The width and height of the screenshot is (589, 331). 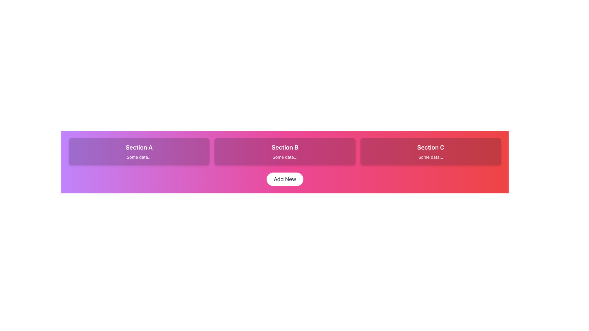 I want to click on the 'Add New' button with rounded edges, white background, and bold dark text located at the bottom of the layout beneath the sections labeled 'Section A', 'Section B', and 'Section C', so click(x=284, y=179).